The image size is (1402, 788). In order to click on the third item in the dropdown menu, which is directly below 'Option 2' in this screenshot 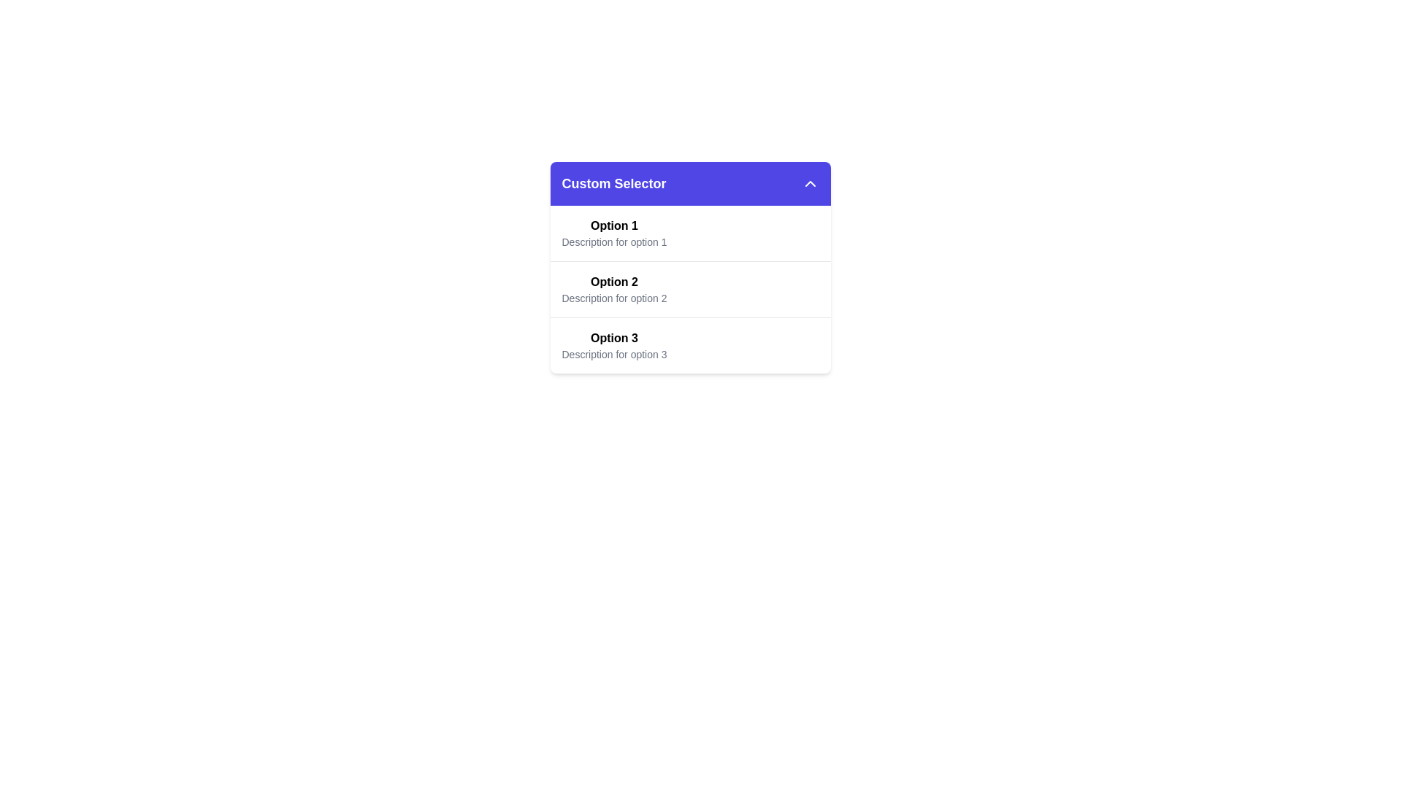, I will do `click(689, 345)`.